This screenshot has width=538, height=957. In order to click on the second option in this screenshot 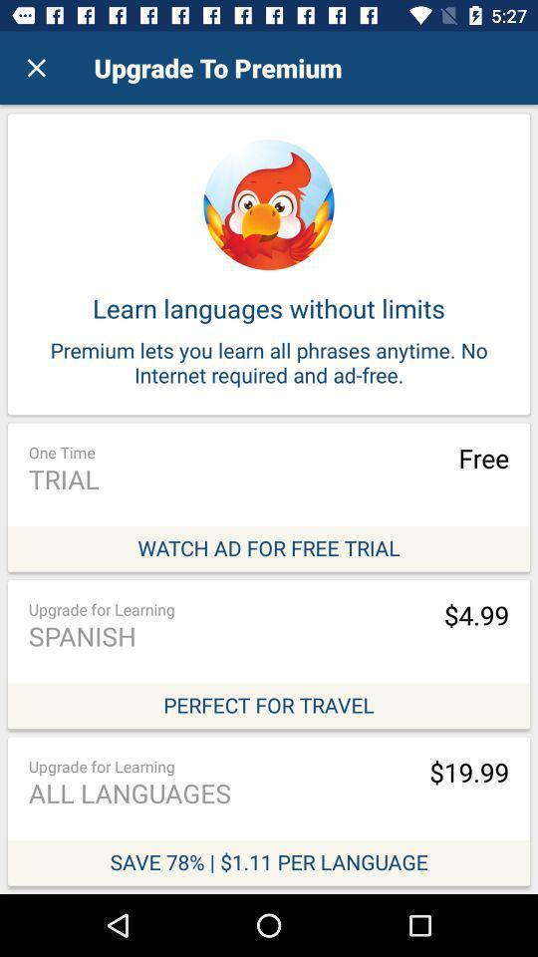, I will do `click(269, 653)`.